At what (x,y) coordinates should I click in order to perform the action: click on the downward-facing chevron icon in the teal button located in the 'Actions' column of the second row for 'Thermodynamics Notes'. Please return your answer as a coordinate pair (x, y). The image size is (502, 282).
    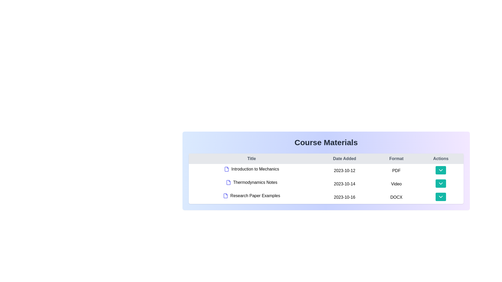
    Looking at the image, I should click on (440, 183).